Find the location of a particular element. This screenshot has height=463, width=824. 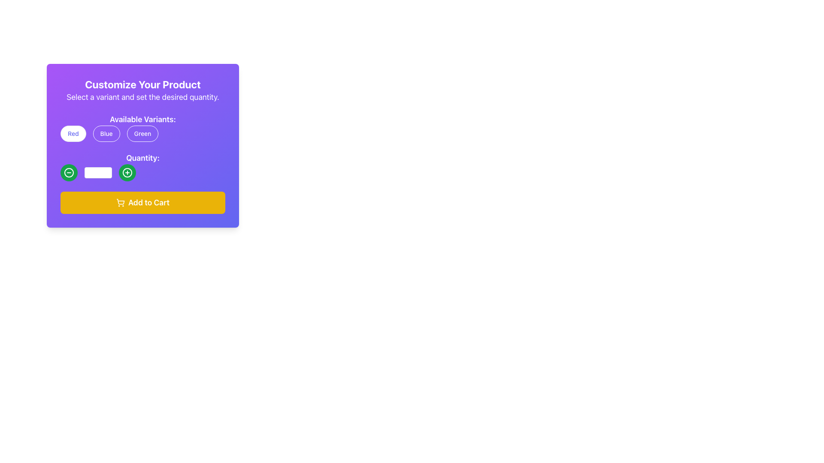

the third button labeled 'Green' in the row of variant selection buttons located below the heading 'Available Variants:' on the purple panel is located at coordinates (142, 134).